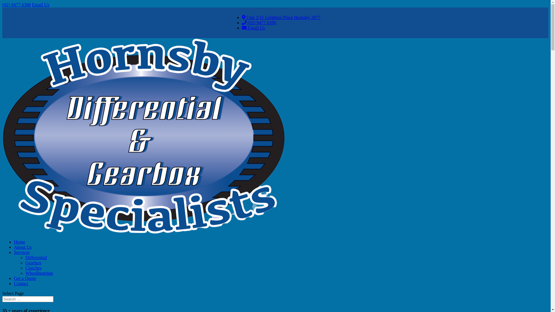  I want to click on 'Get a Quote', so click(25, 278).